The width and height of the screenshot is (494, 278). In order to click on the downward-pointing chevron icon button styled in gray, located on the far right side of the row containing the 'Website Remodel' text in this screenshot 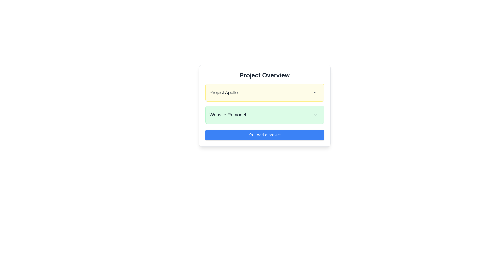, I will do `click(315, 115)`.